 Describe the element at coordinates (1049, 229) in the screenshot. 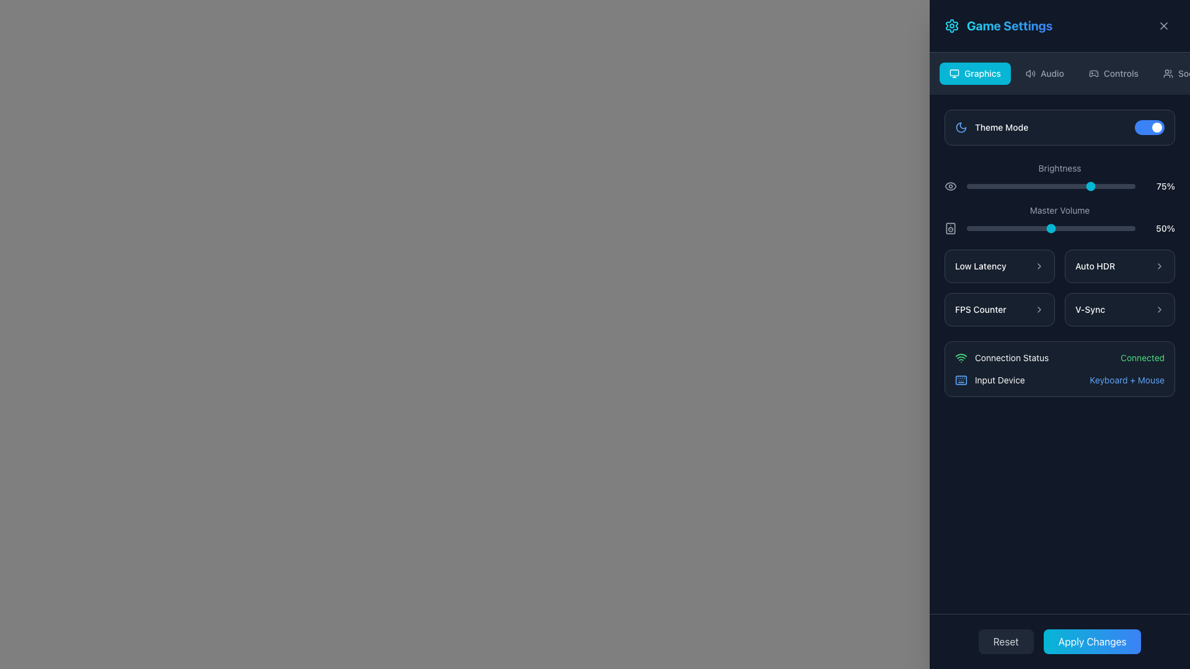

I see `the Master Volume` at that location.